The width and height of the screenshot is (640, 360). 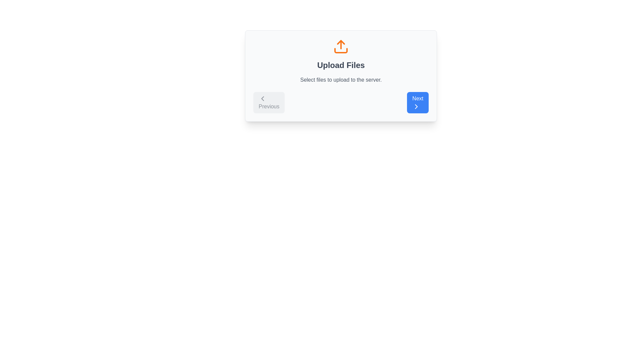 What do you see at coordinates (269, 103) in the screenshot?
I see `the 'Previous' button located at the bottom left of the card interface, which features a left arrow icon and dark gray text on a light gray background` at bounding box center [269, 103].